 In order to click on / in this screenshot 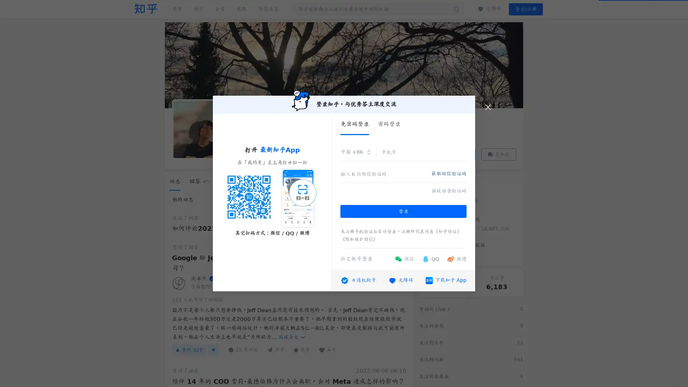, I will do `click(526, 9)`.